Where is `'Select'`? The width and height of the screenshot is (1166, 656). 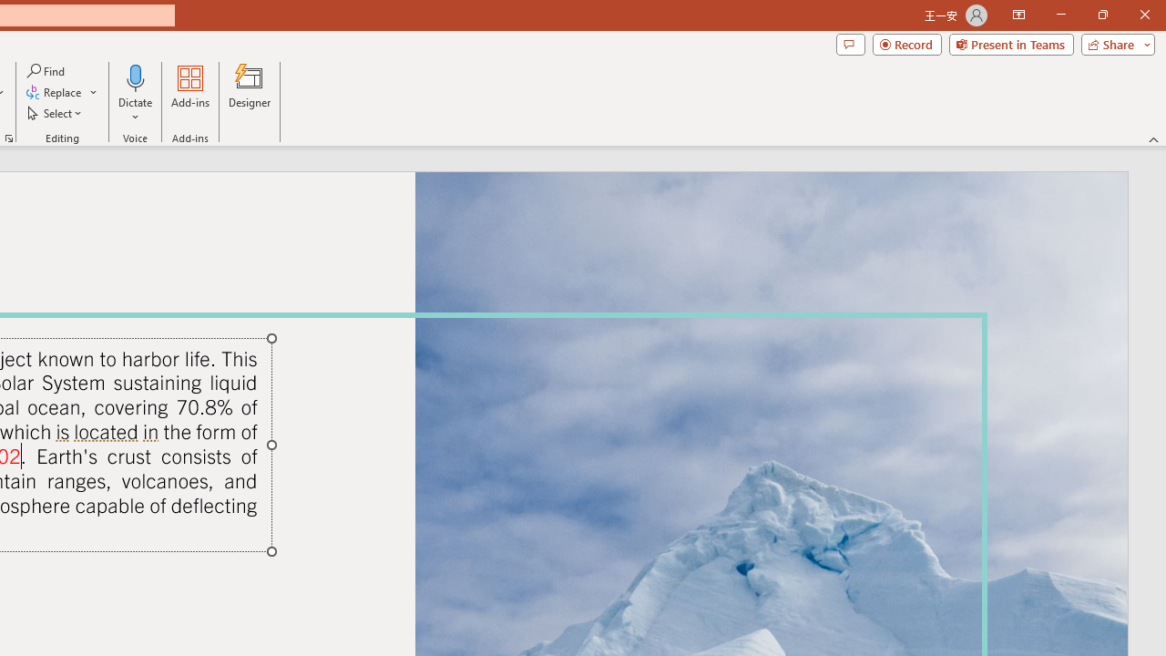 'Select' is located at coordinates (56, 113).